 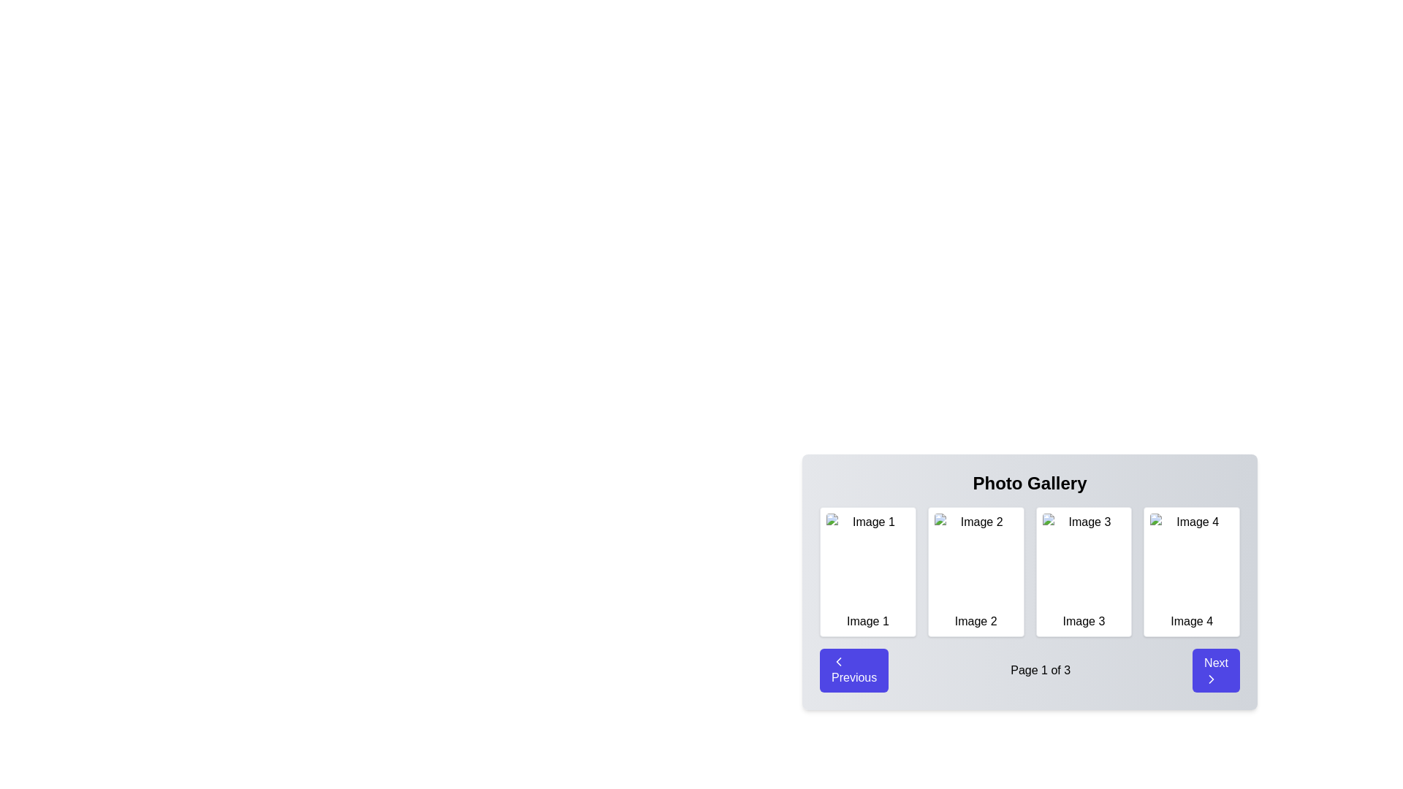 I want to click on the static text label located at the bottom of the second card from the left in the photo gallery layout, which serves as a description for 'Image 2', so click(x=976, y=622).